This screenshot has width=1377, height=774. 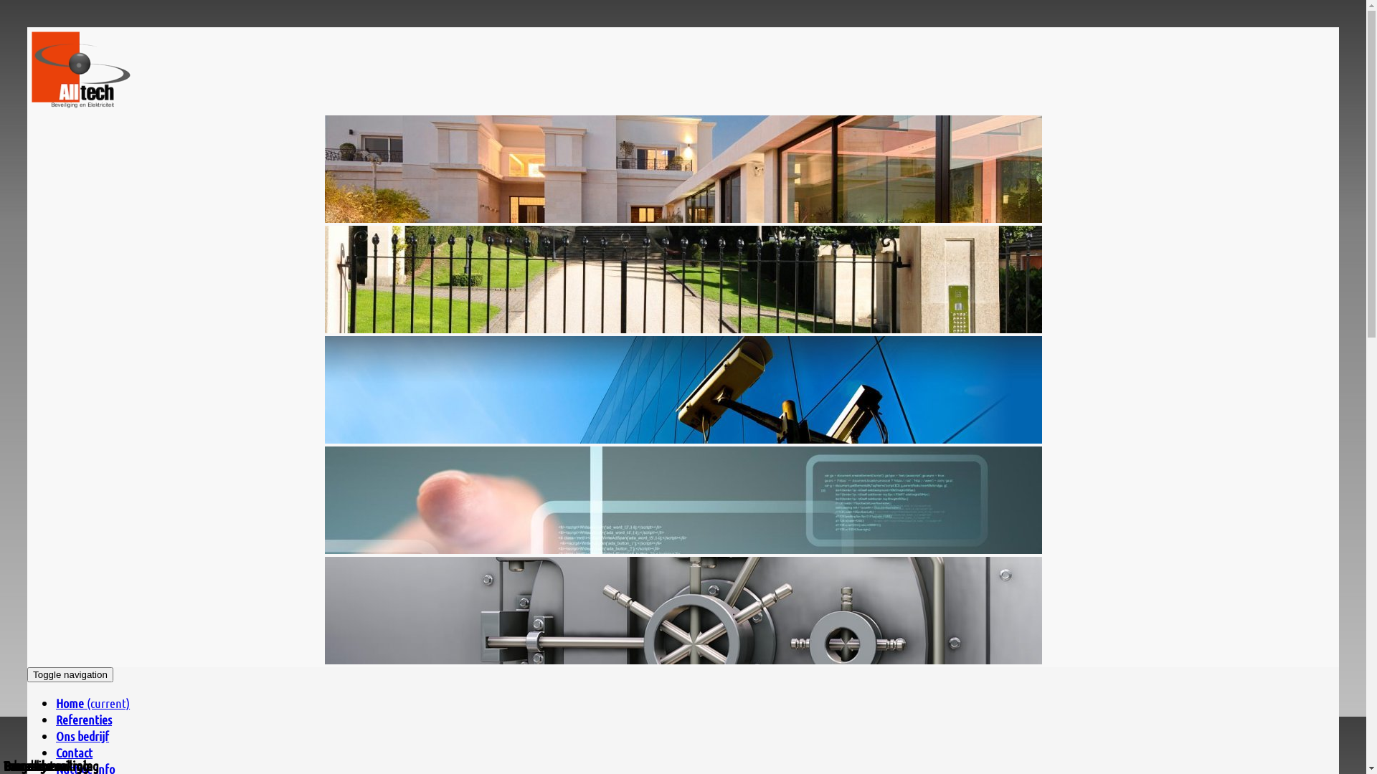 What do you see at coordinates (82, 735) in the screenshot?
I see `'Ons bedrijf'` at bounding box center [82, 735].